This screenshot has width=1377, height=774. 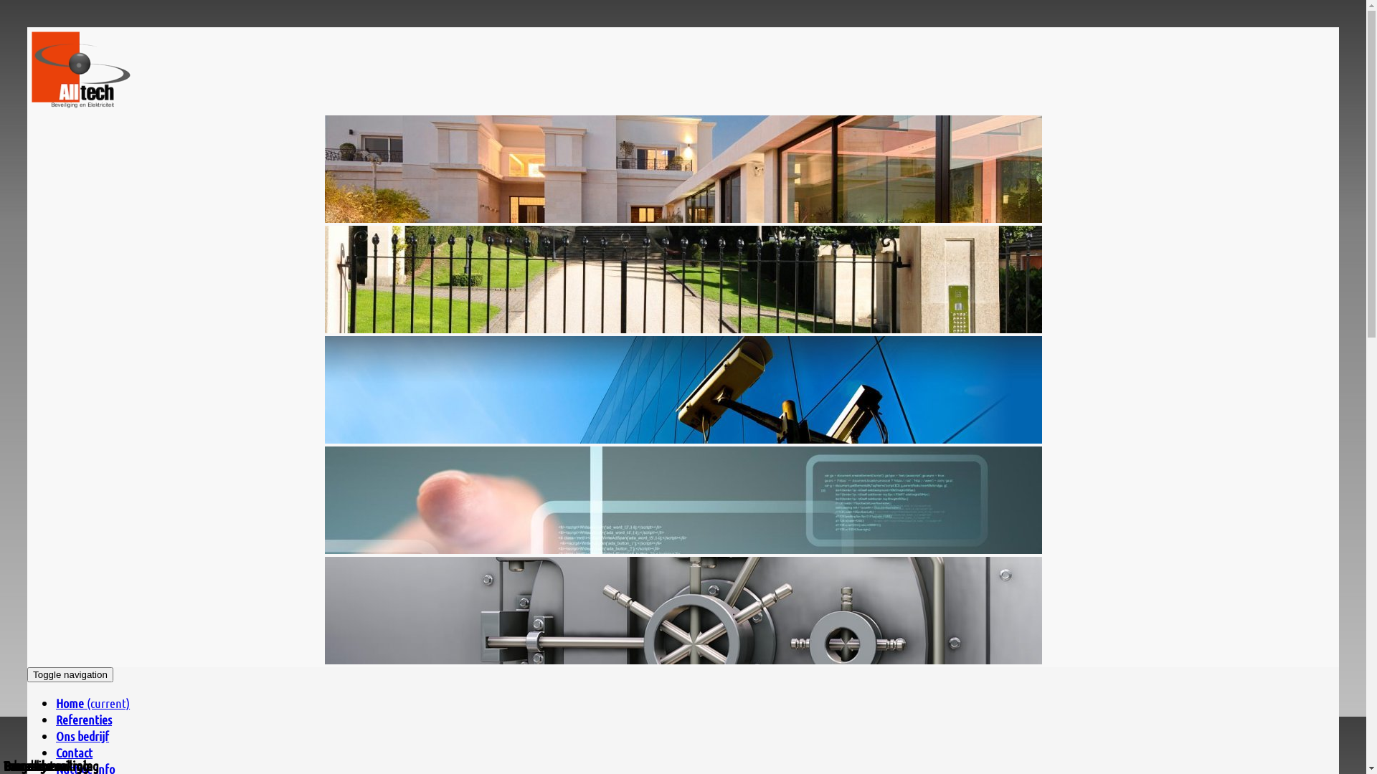 What do you see at coordinates (82, 735) in the screenshot?
I see `'Ons bedrijf'` at bounding box center [82, 735].